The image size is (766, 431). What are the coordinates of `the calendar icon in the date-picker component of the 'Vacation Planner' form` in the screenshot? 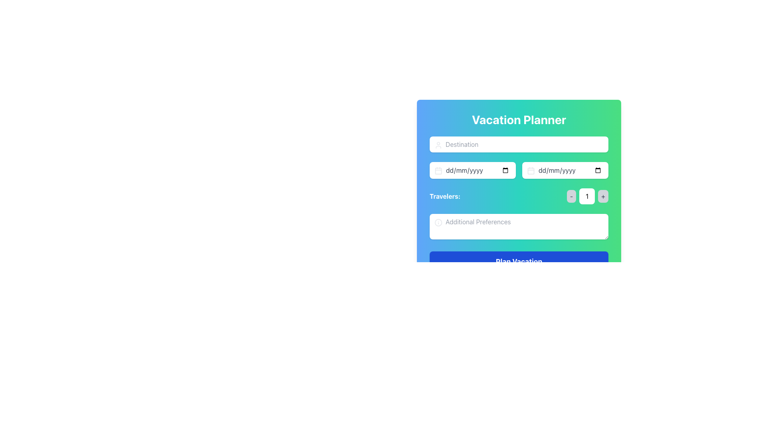 It's located at (519, 170).